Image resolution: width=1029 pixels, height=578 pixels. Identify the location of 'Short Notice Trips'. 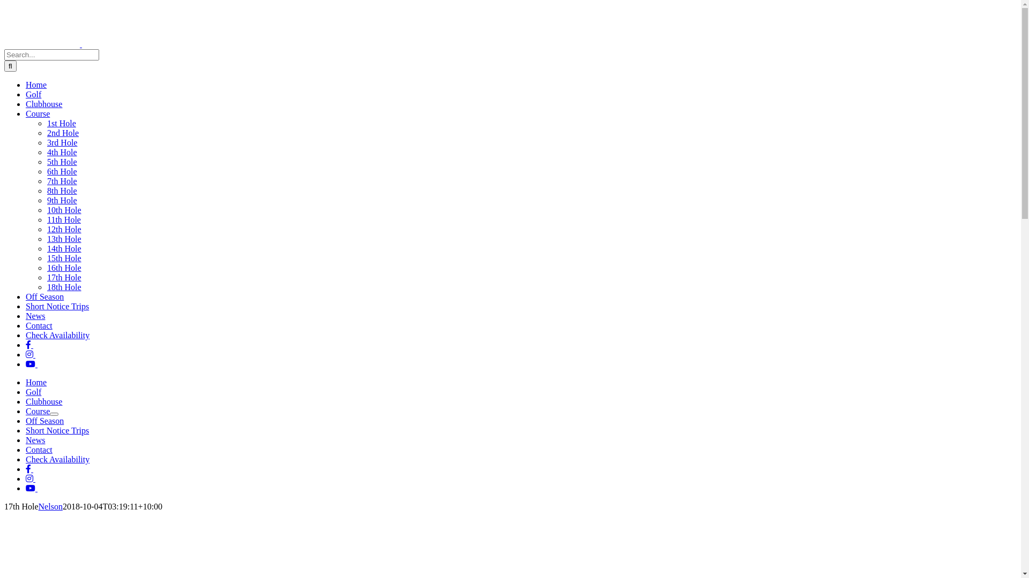
(56, 430).